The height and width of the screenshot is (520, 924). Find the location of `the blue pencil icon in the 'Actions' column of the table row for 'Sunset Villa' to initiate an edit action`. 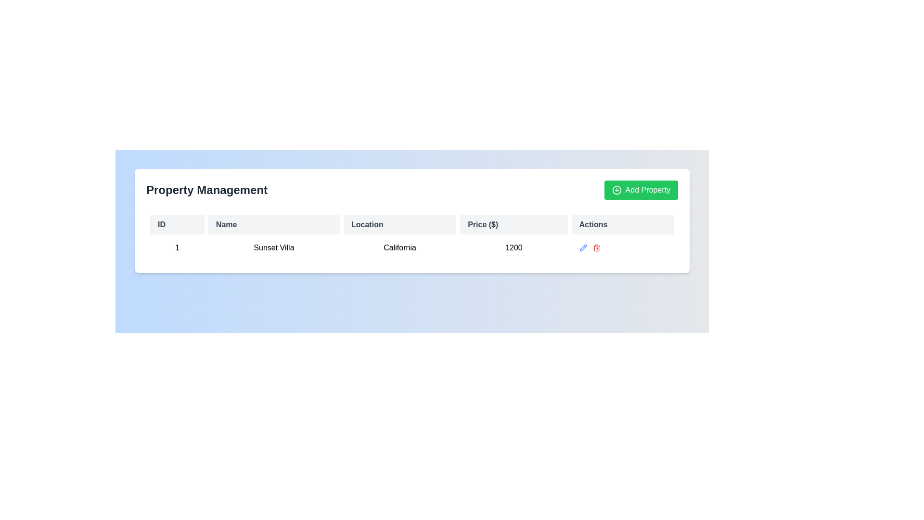

the blue pencil icon in the 'Actions' column of the table row for 'Sunset Villa' to initiate an edit action is located at coordinates (582, 247).